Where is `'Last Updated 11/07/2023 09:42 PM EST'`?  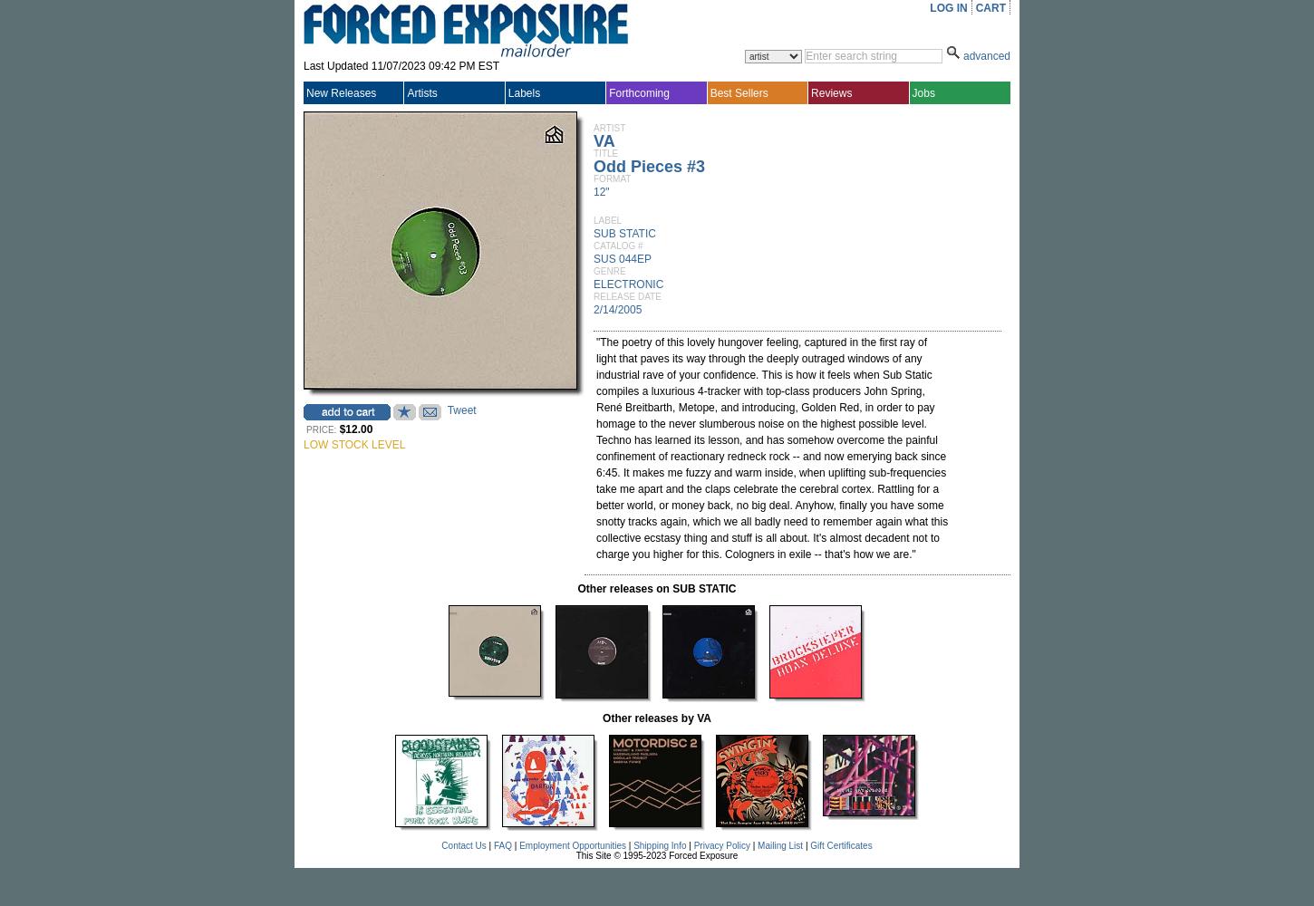 'Last Updated 11/07/2023 09:42 PM EST' is located at coordinates (400, 65).